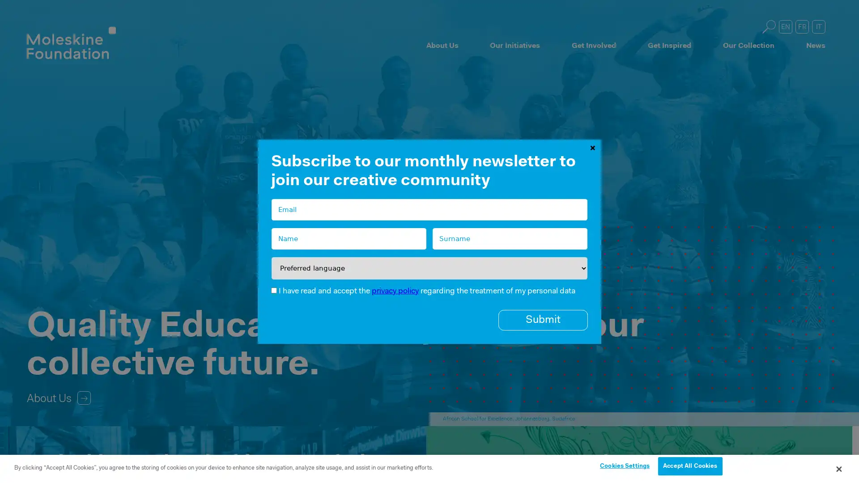  Describe the element at coordinates (543, 319) in the screenshot. I see `Submit` at that location.